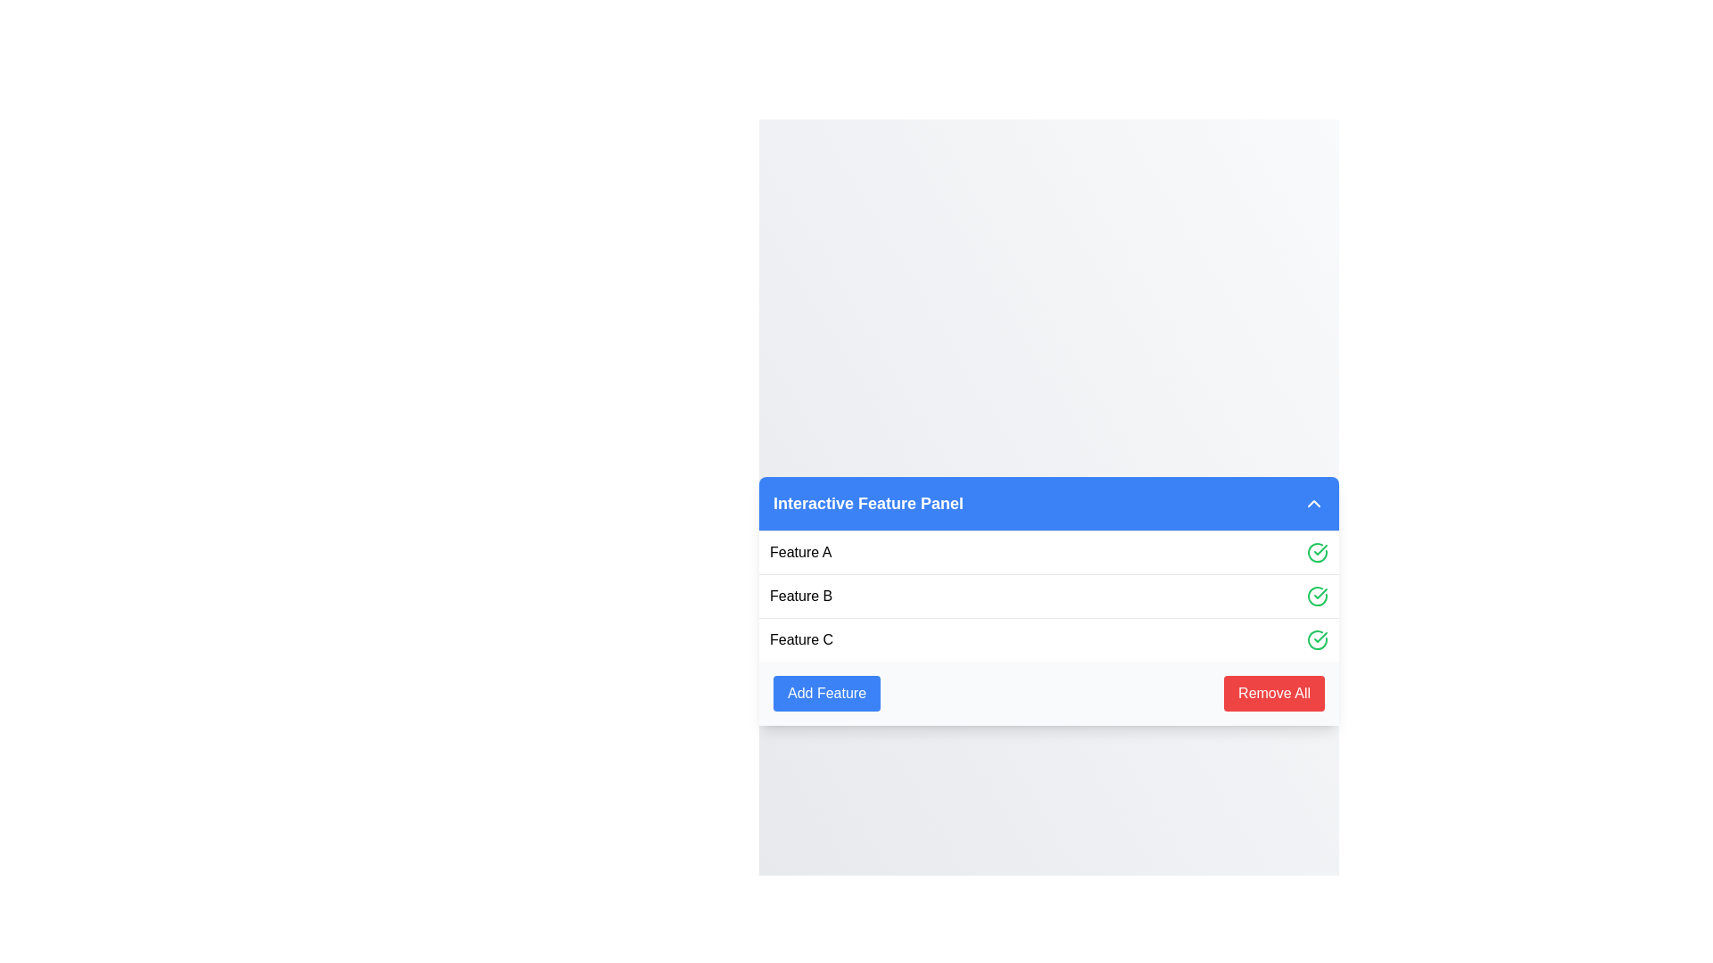 The image size is (1713, 963). What do you see at coordinates (800, 596) in the screenshot?
I see `text label displaying 'Feature B' located in the second row of the tabular structure, positioned to the left of a green checkmark icon` at bounding box center [800, 596].